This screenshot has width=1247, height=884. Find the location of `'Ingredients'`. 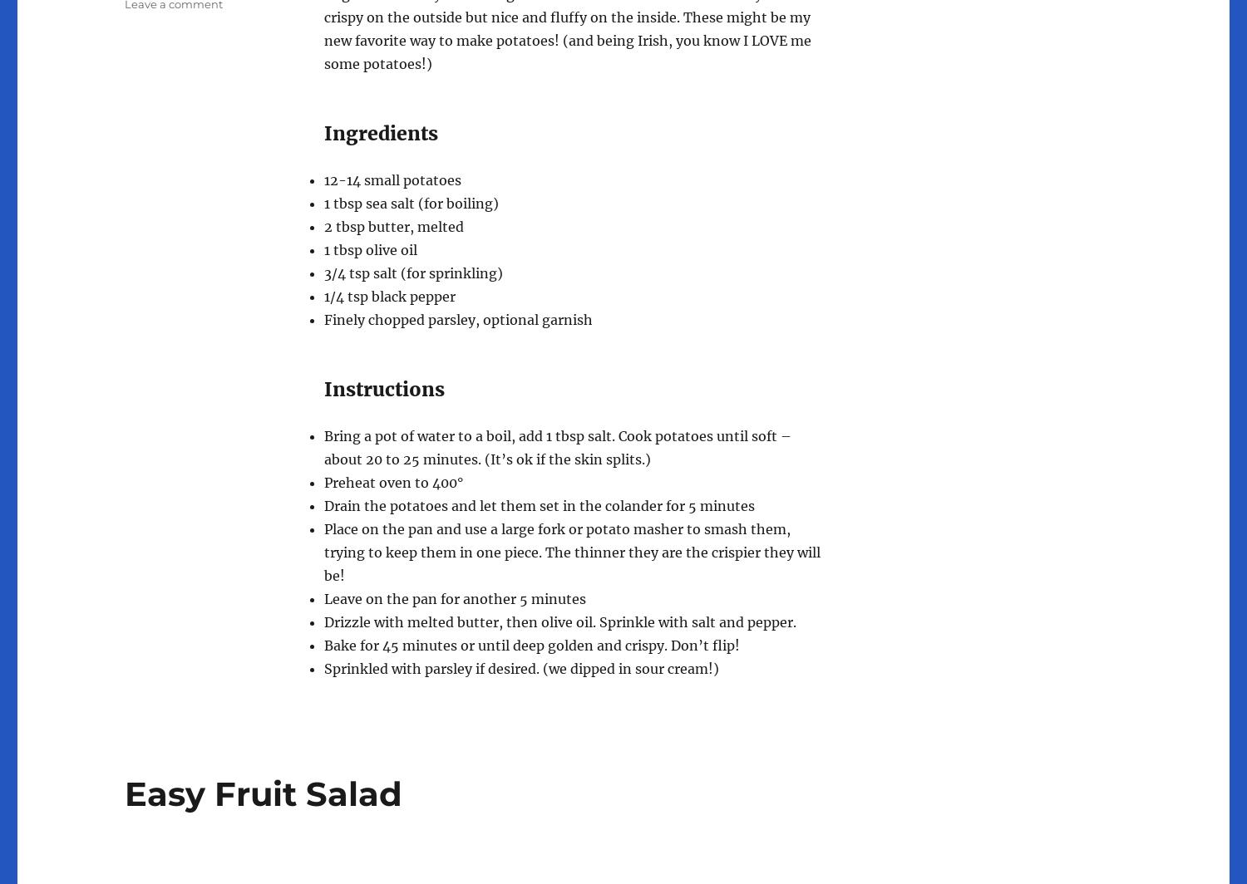

'Ingredients' is located at coordinates (324, 132).